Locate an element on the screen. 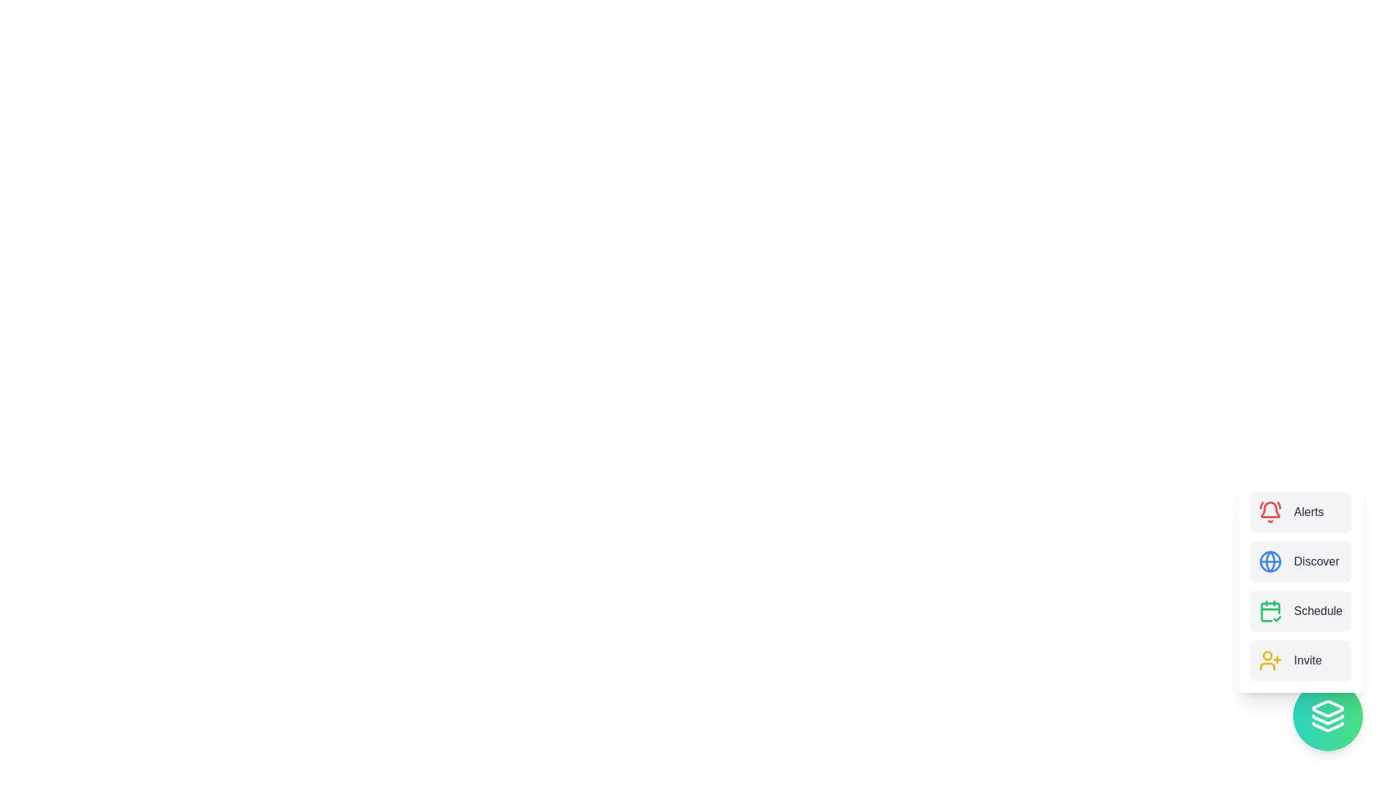 The image size is (1398, 786). the 'Alerts' button to select it is located at coordinates (1300, 512).